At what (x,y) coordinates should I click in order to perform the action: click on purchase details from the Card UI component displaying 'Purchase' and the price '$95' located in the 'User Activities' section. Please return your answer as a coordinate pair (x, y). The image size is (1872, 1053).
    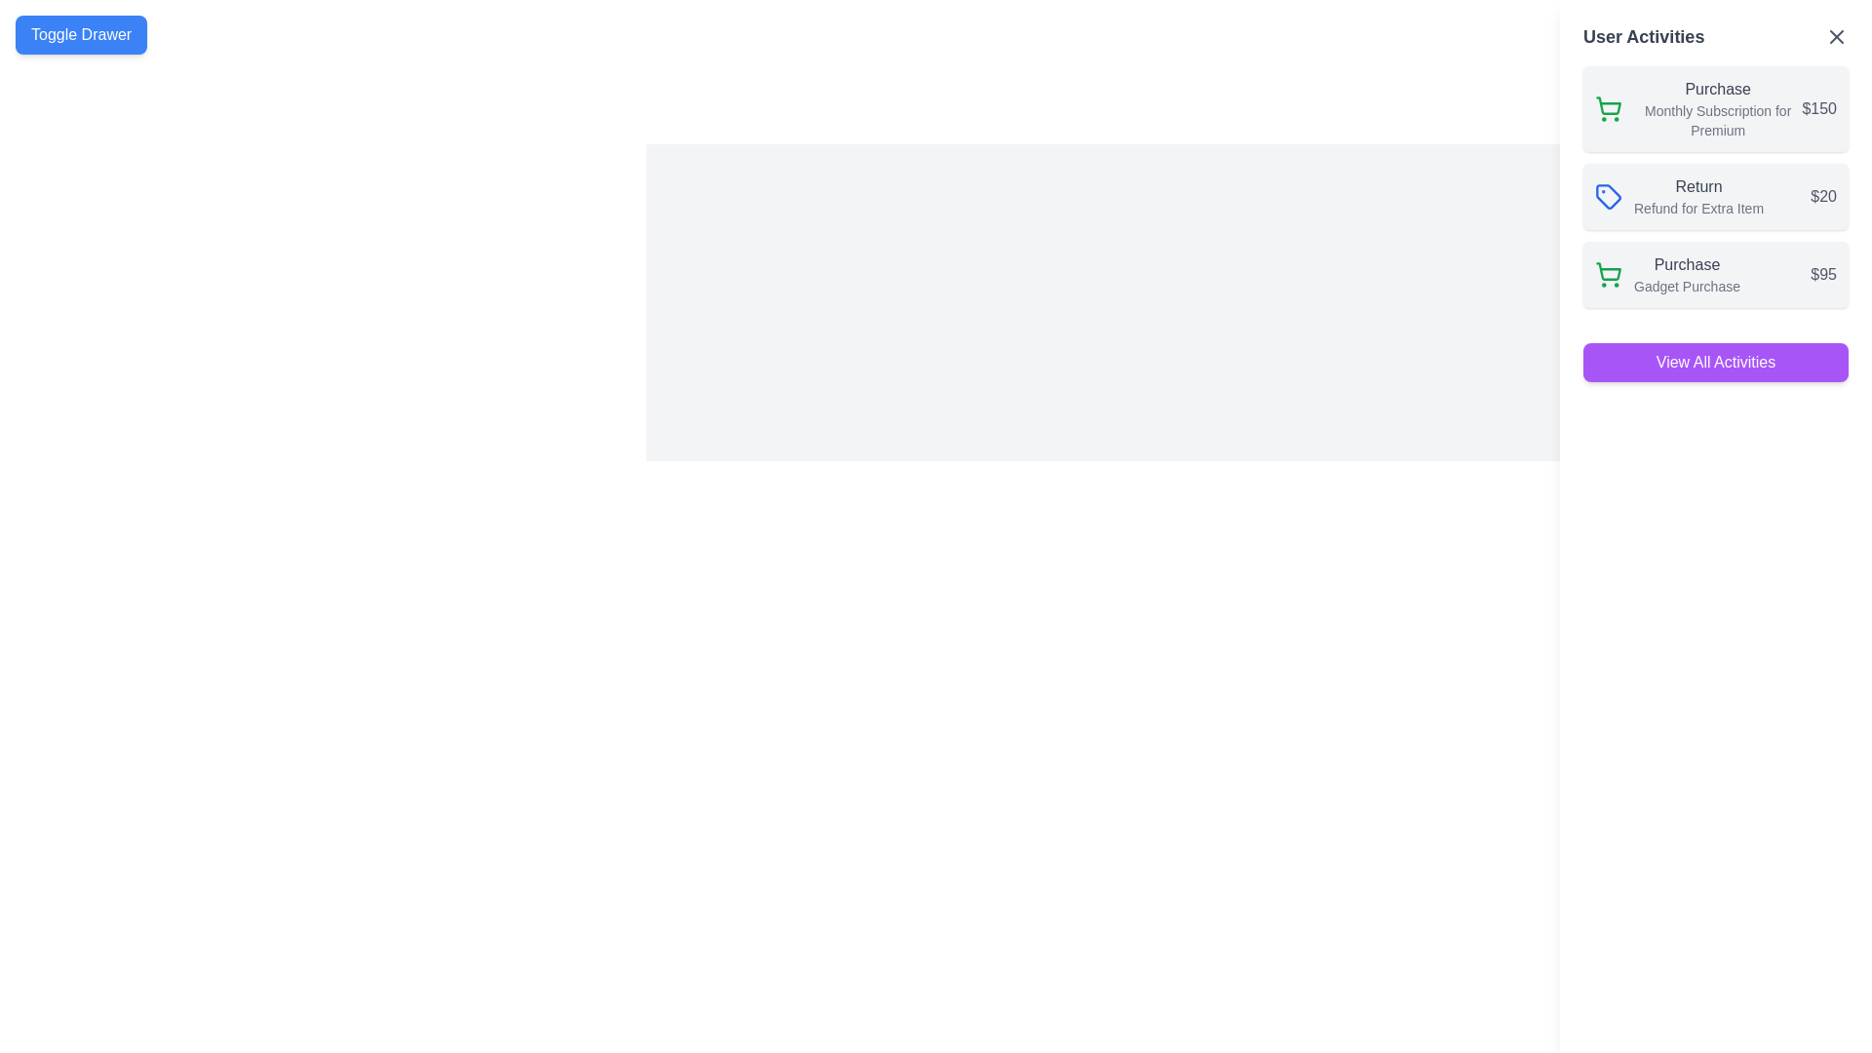
    Looking at the image, I should click on (1716, 274).